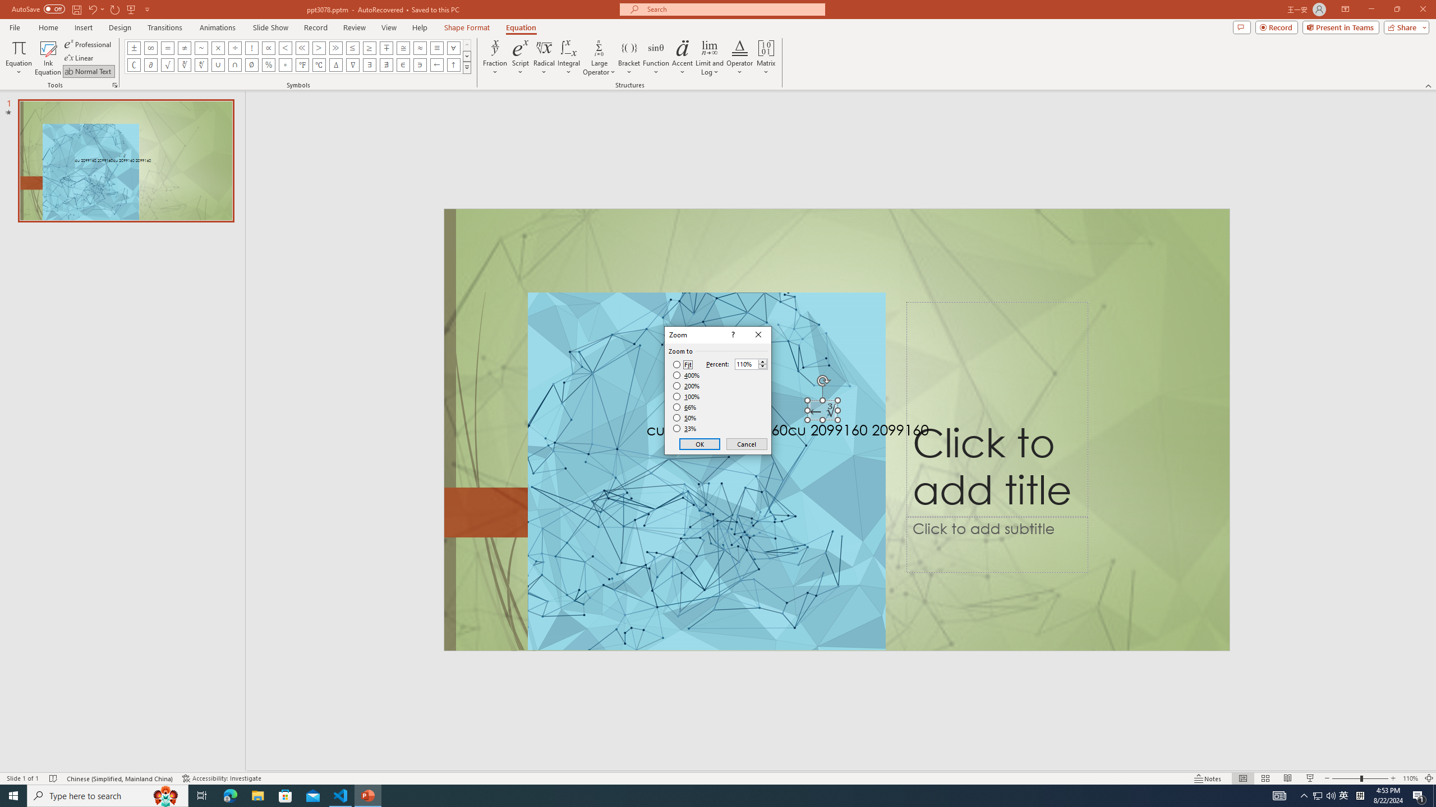 Image resolution: width=1436 pixels, height=807 pixels. I want to click on 'Action Center, 1 new notification', so click(1419, 795).